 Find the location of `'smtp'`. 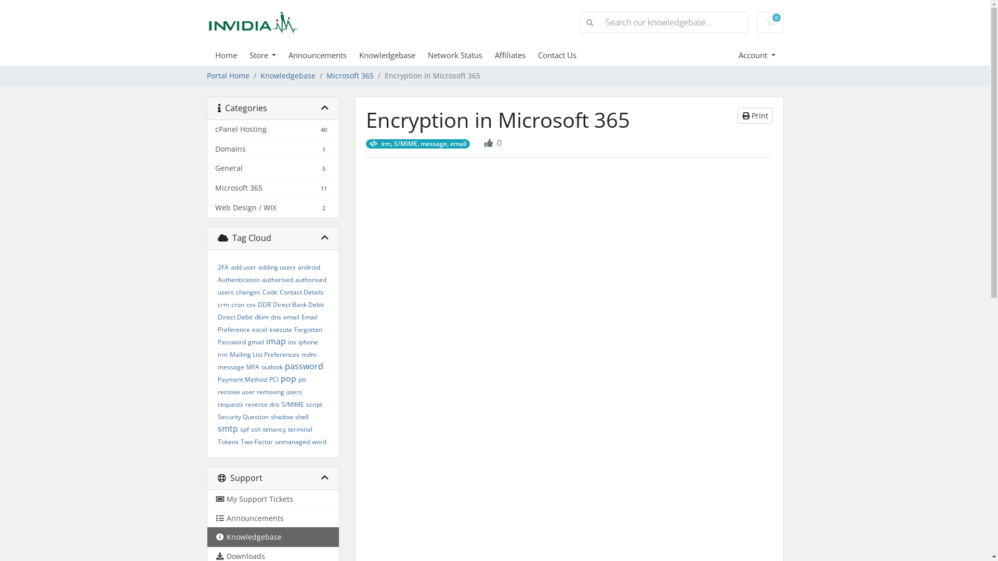

'smtp' is located at coordinates (227, 429).